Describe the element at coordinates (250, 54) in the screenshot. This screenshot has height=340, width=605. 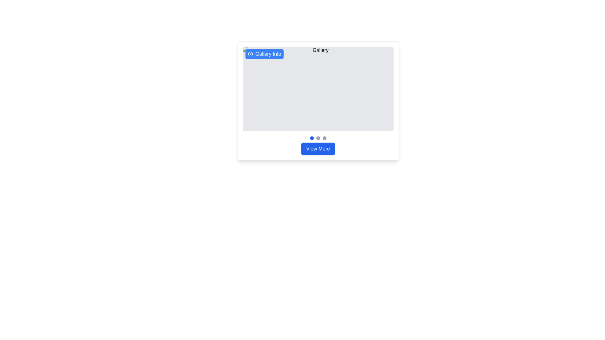
I see `the informational icon located at the center of the 'Gallery Info' button, which is near the top-left corner of the layout` at that location.